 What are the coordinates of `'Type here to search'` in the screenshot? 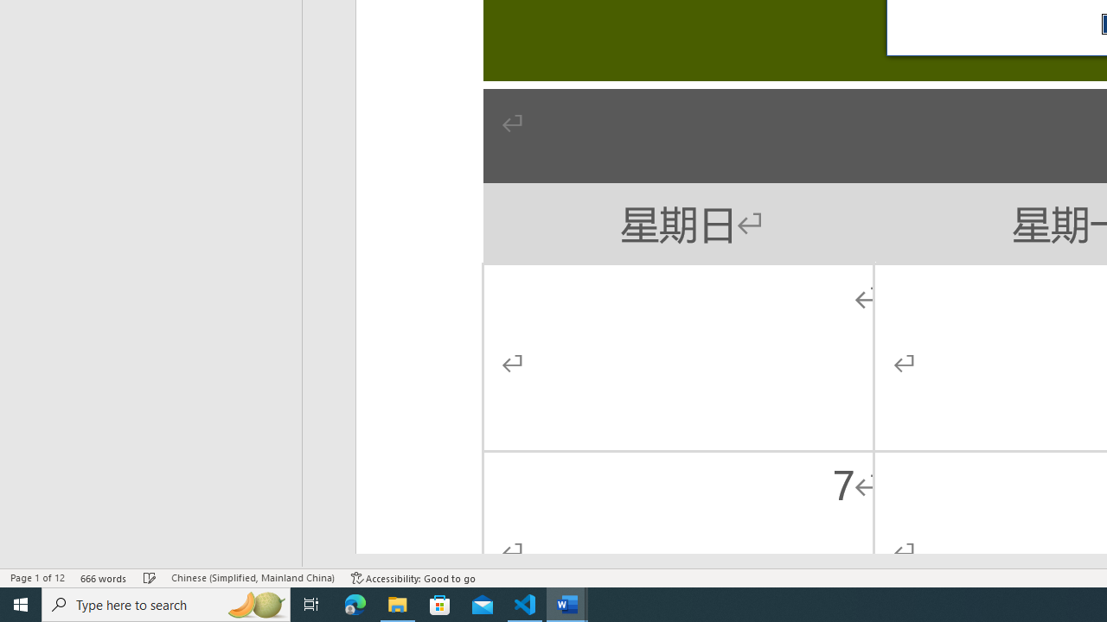 It's located at (166, 603).